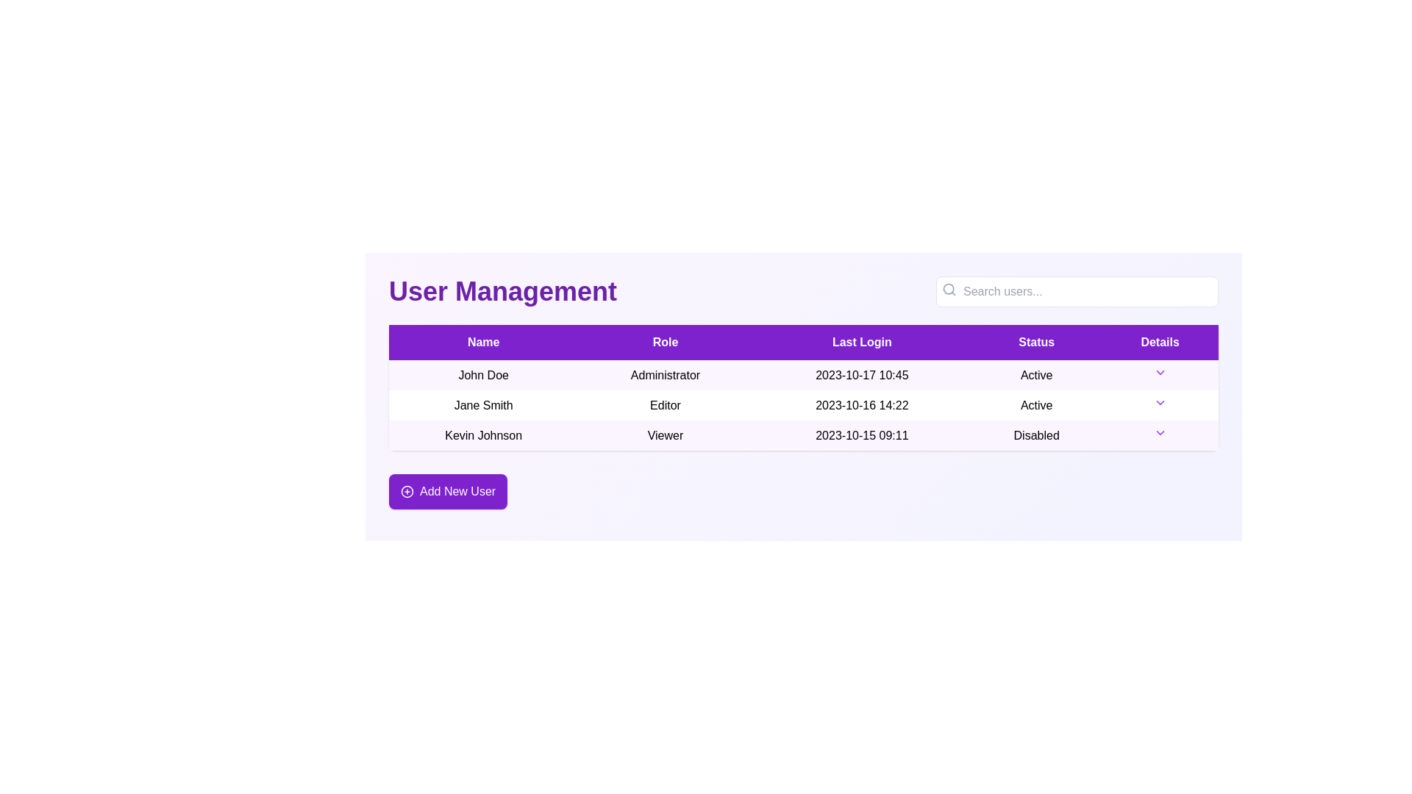 This screenshot has height=794, width=1412. I want to click on the downward arrow toggle in the last column of the row labeled with the user name 'John Doe', so click(1159, 374).